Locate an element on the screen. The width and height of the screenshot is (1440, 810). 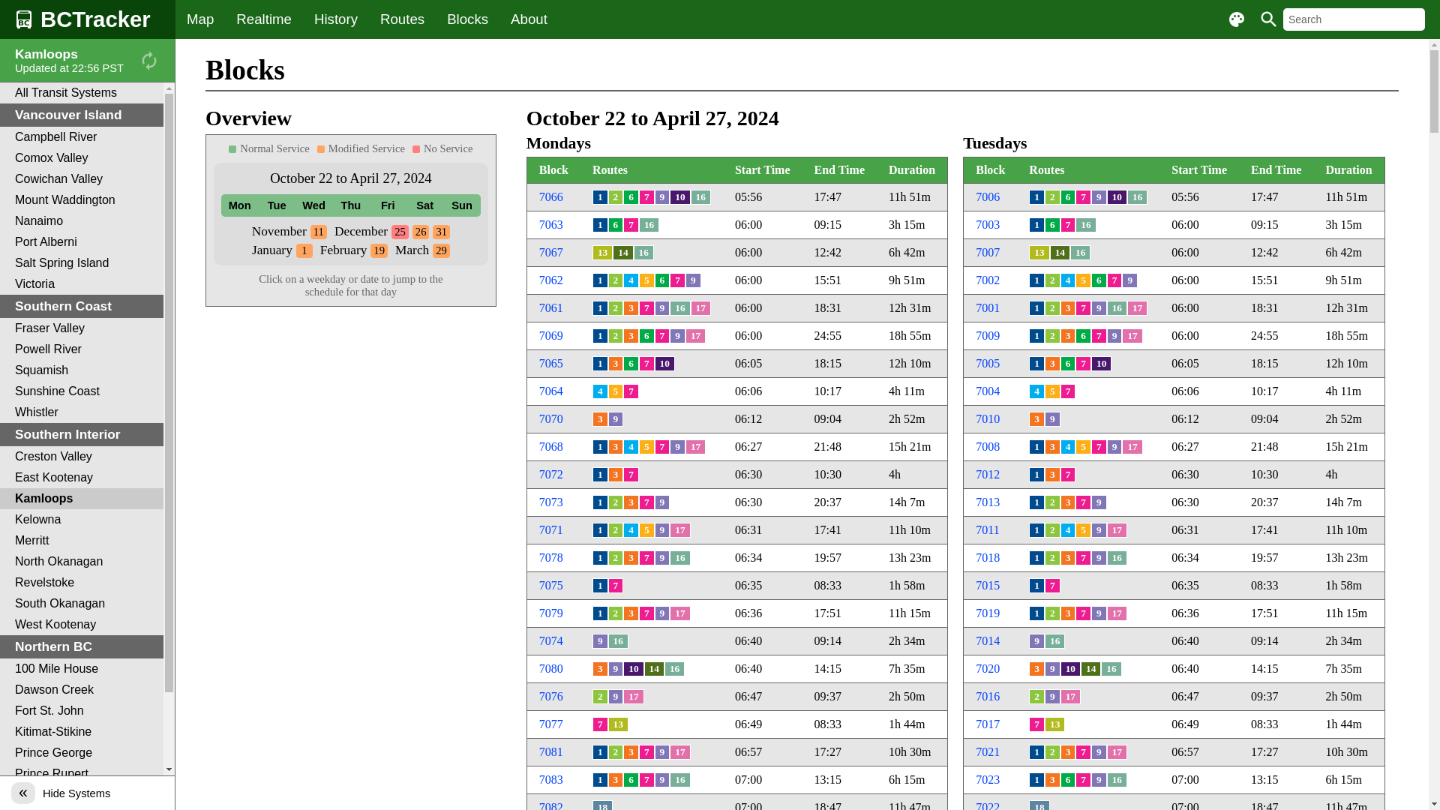
'3' is located at coordinates (631, 613).